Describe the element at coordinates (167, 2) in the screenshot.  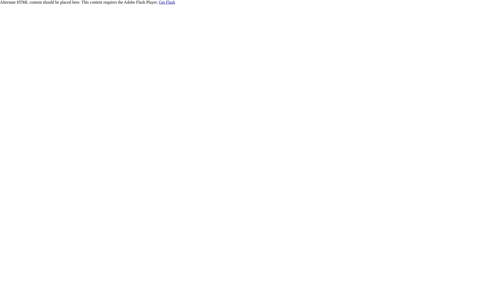
I see `'Get Flash'` at that location.